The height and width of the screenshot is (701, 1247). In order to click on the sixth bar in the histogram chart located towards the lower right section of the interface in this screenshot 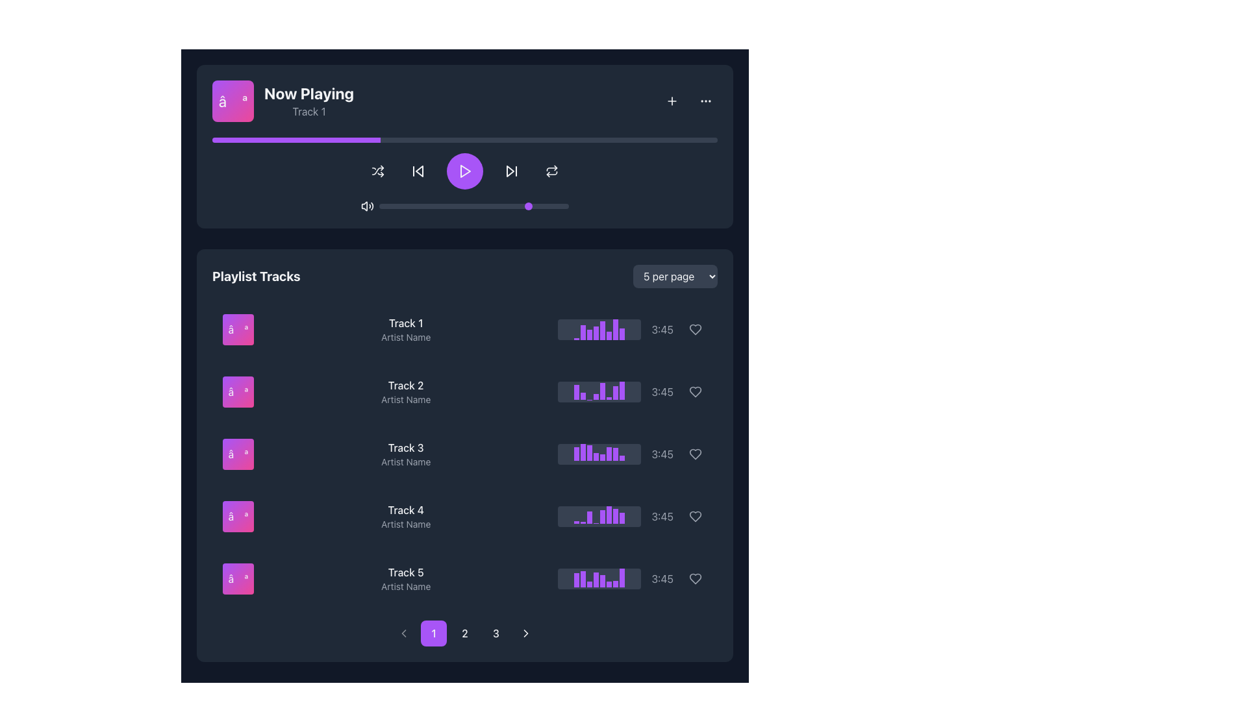, I will do `click(609, 584)`.